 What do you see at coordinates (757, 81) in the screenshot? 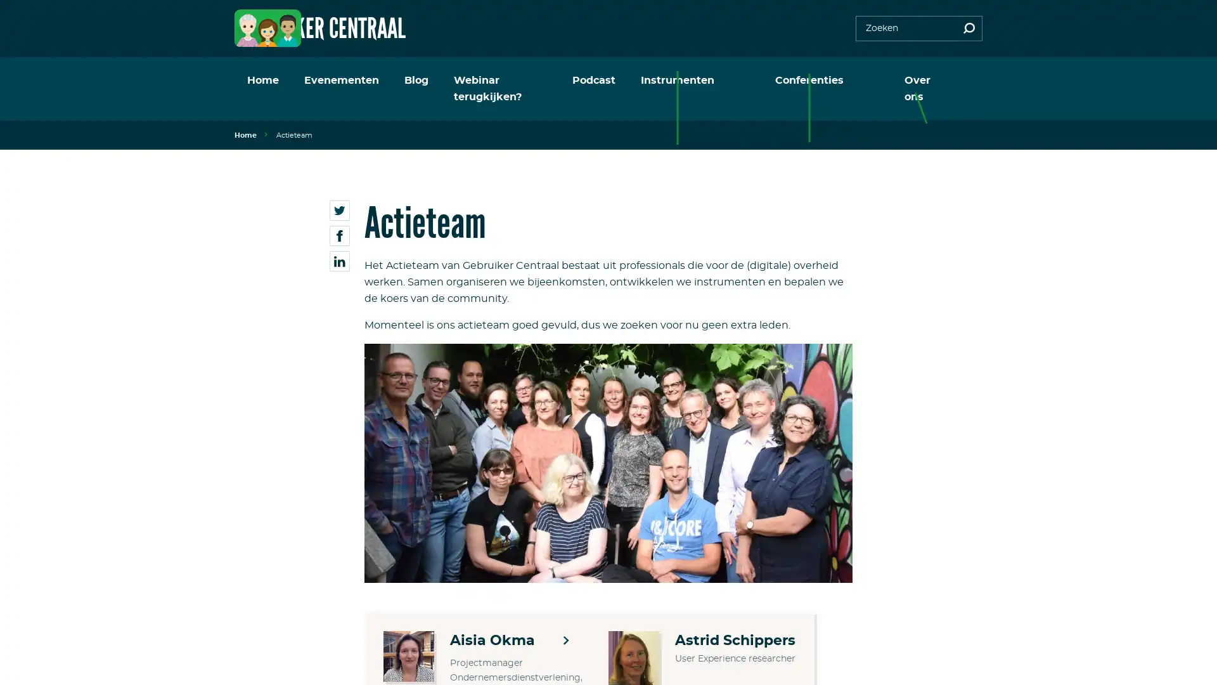
I see `Toon submenu voor Instrumenten` at bounding box center [757, 81].